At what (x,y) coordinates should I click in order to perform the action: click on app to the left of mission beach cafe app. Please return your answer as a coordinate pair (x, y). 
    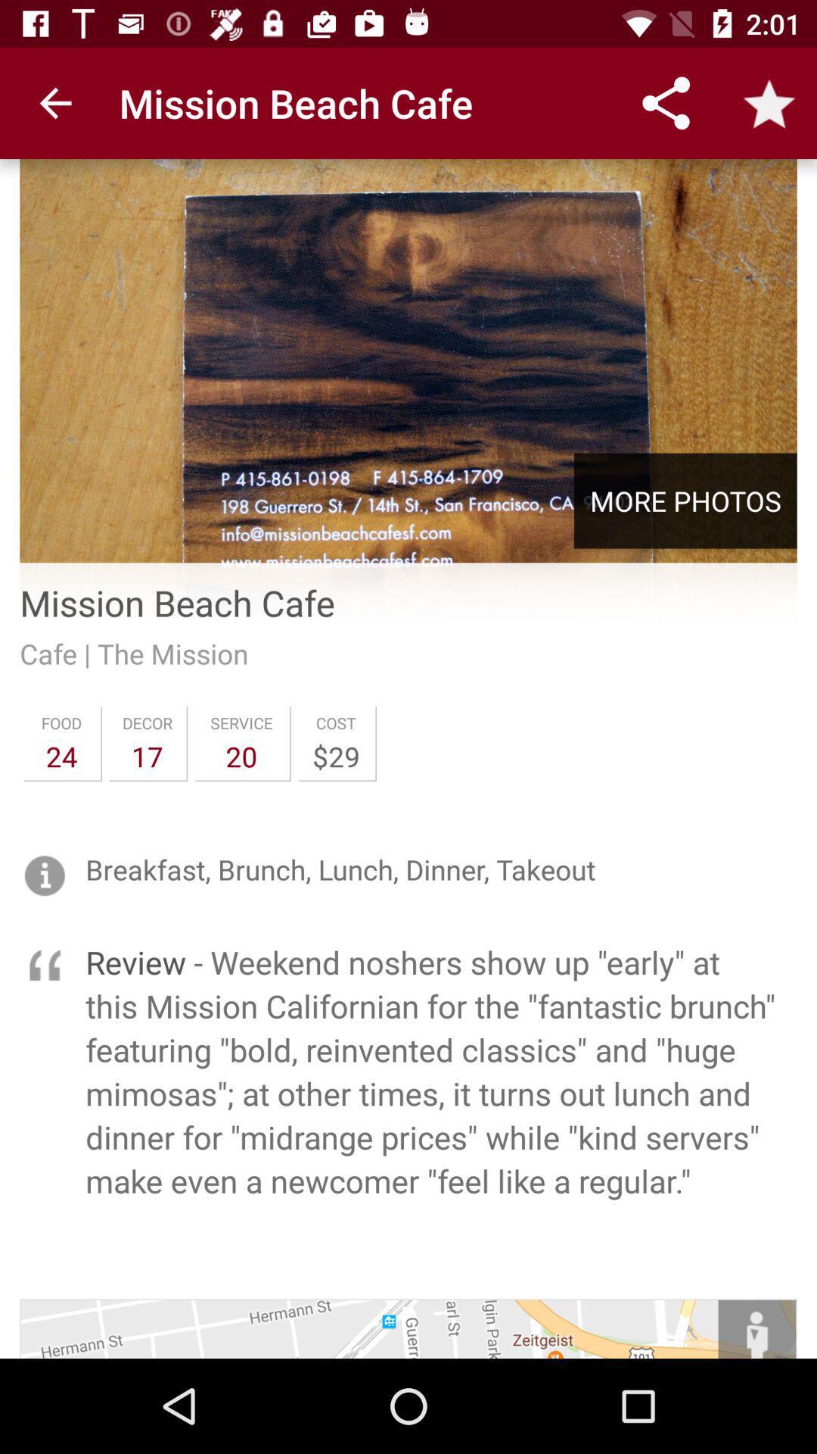
    Looking at the image, I should click on (54, 102).